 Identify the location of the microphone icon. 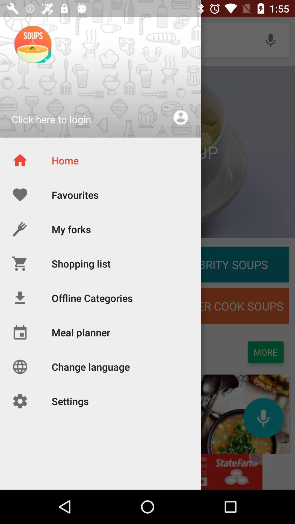
(263, 418).